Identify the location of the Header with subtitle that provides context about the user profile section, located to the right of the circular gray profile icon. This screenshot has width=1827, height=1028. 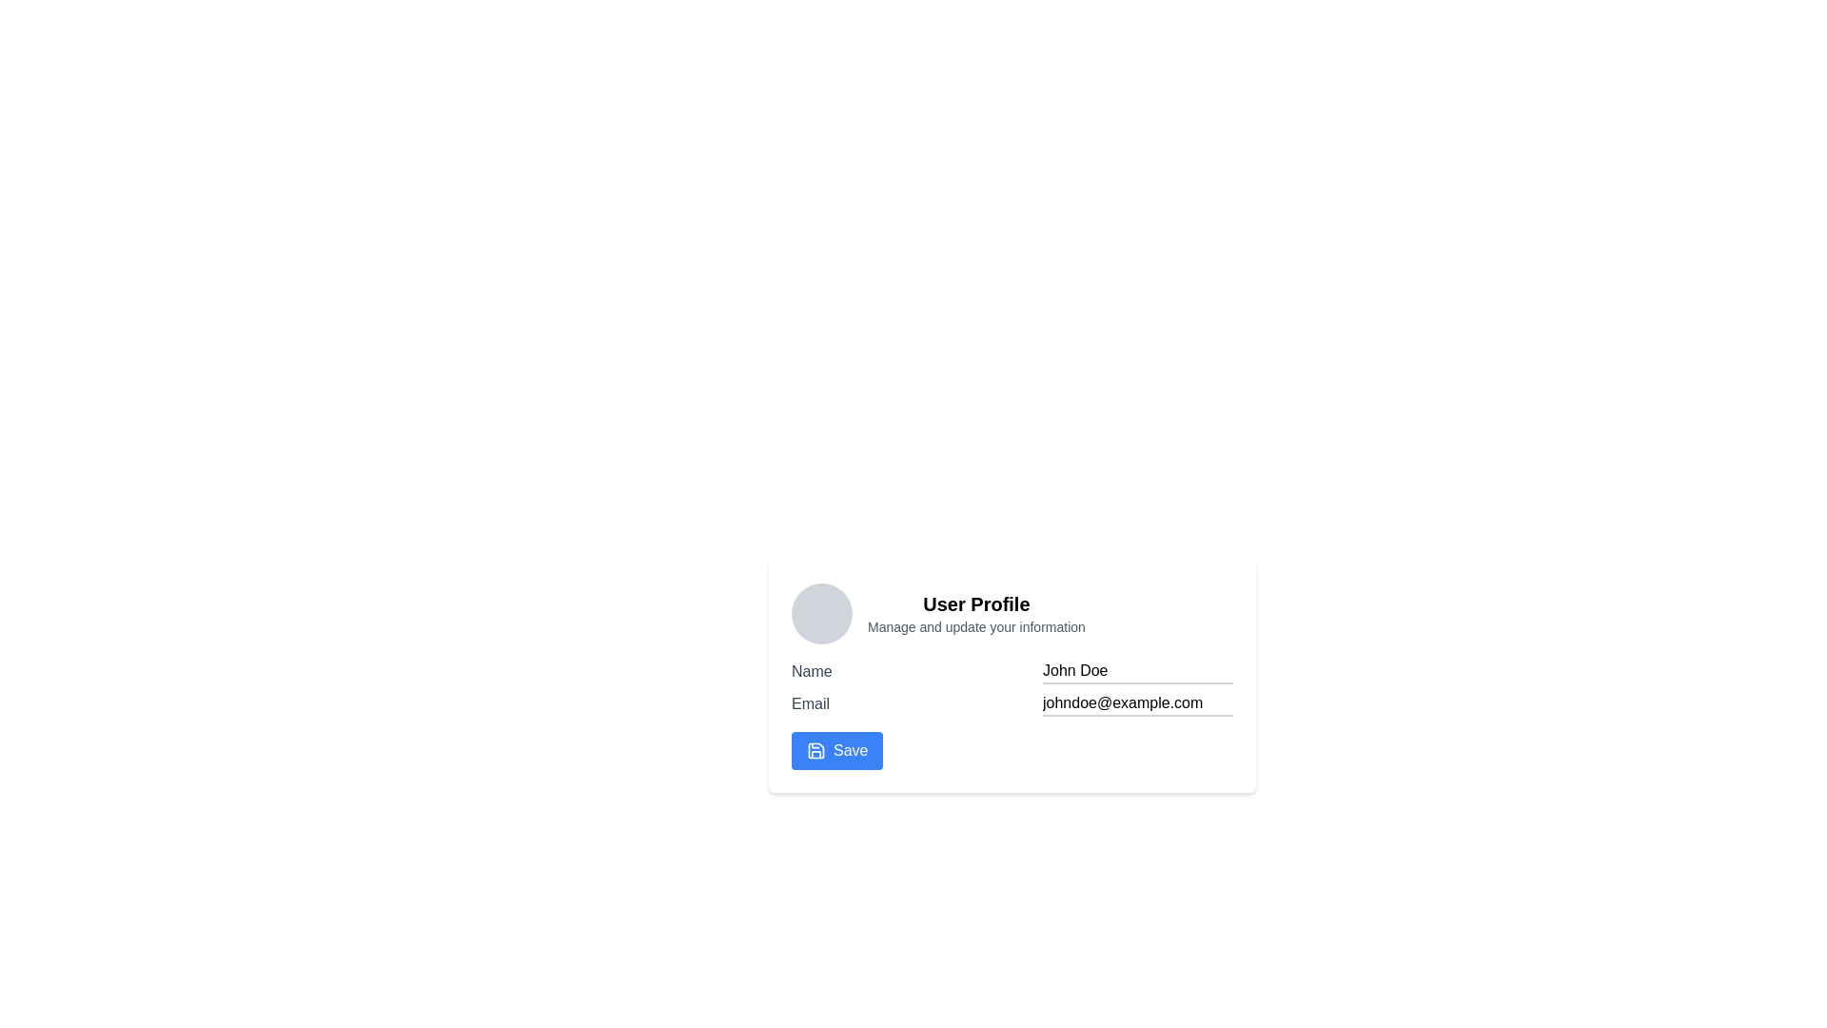
(976, 613).